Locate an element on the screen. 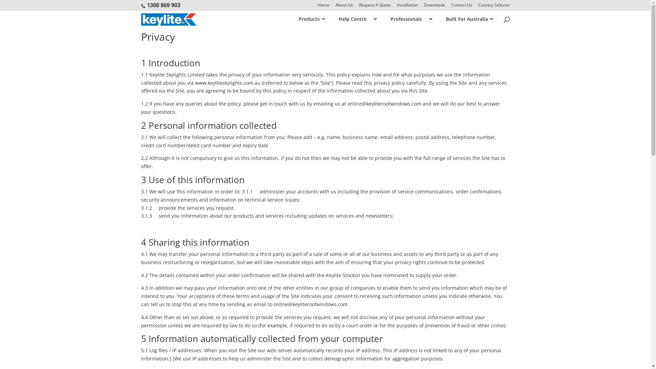 The image size is (656, 369). 'Built For Australia' is located at coordinates (465, 19).